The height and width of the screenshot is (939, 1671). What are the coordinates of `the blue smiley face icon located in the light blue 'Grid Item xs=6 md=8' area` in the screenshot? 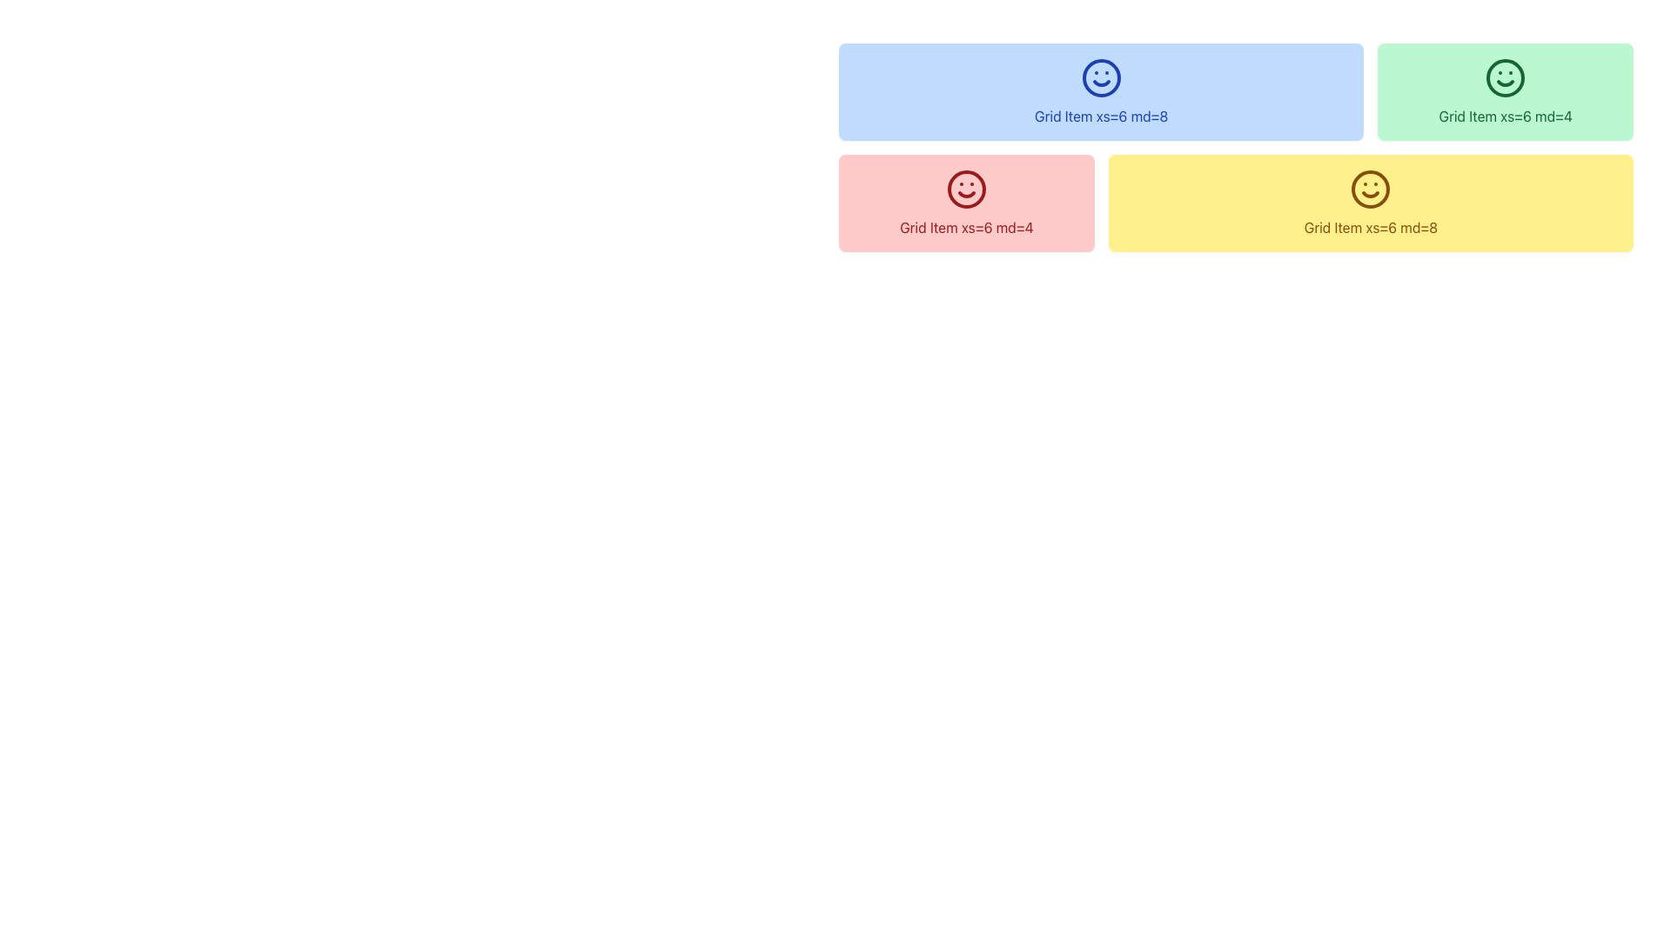 It's located at (1100, 77).